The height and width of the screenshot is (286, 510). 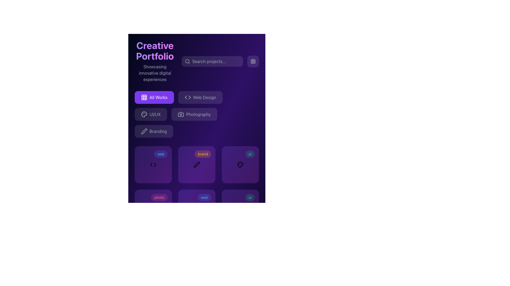 What do you see at coordinates (204, 97) in the screenshot?
I see `the 'Web Design' text label located within the navigation button, which is positioned to the right of the 'All Works' button` at bounding box center [204, 97].